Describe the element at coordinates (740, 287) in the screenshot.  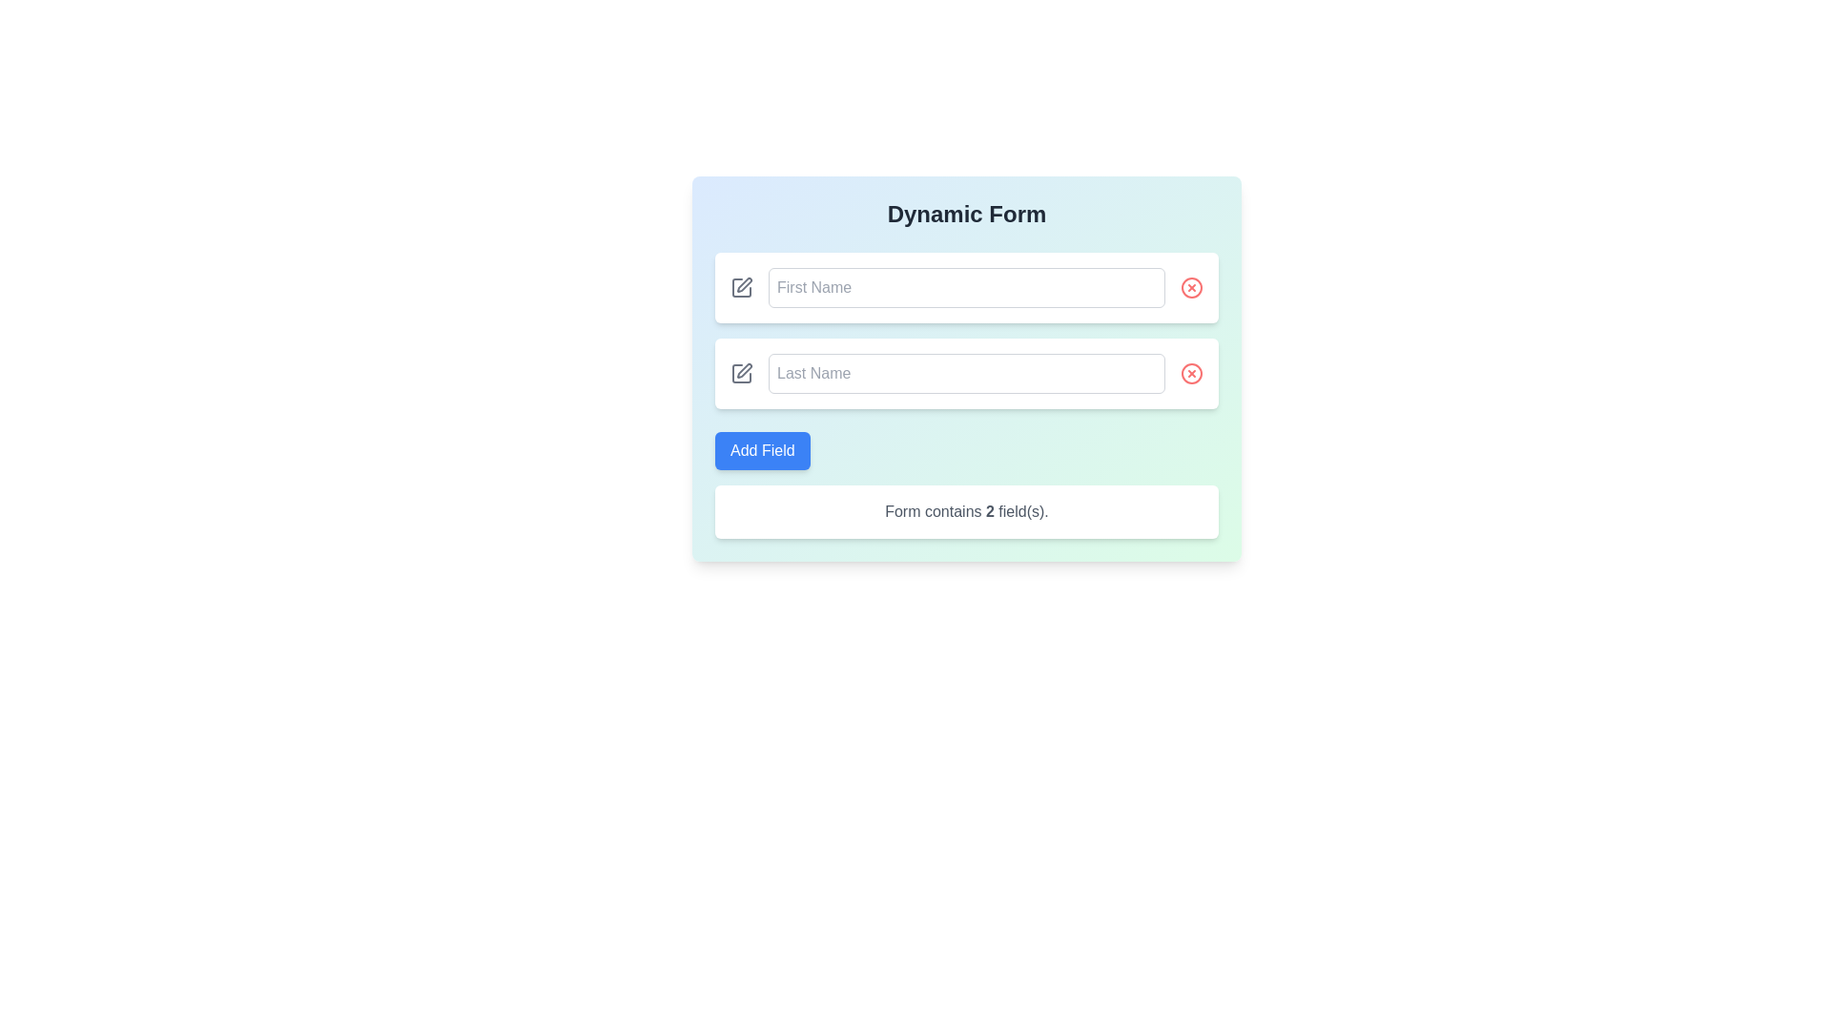
I see `the SVG icon located on the leftmost side of the input field labeled 'First Name', indicating it as a writable area` at that location.